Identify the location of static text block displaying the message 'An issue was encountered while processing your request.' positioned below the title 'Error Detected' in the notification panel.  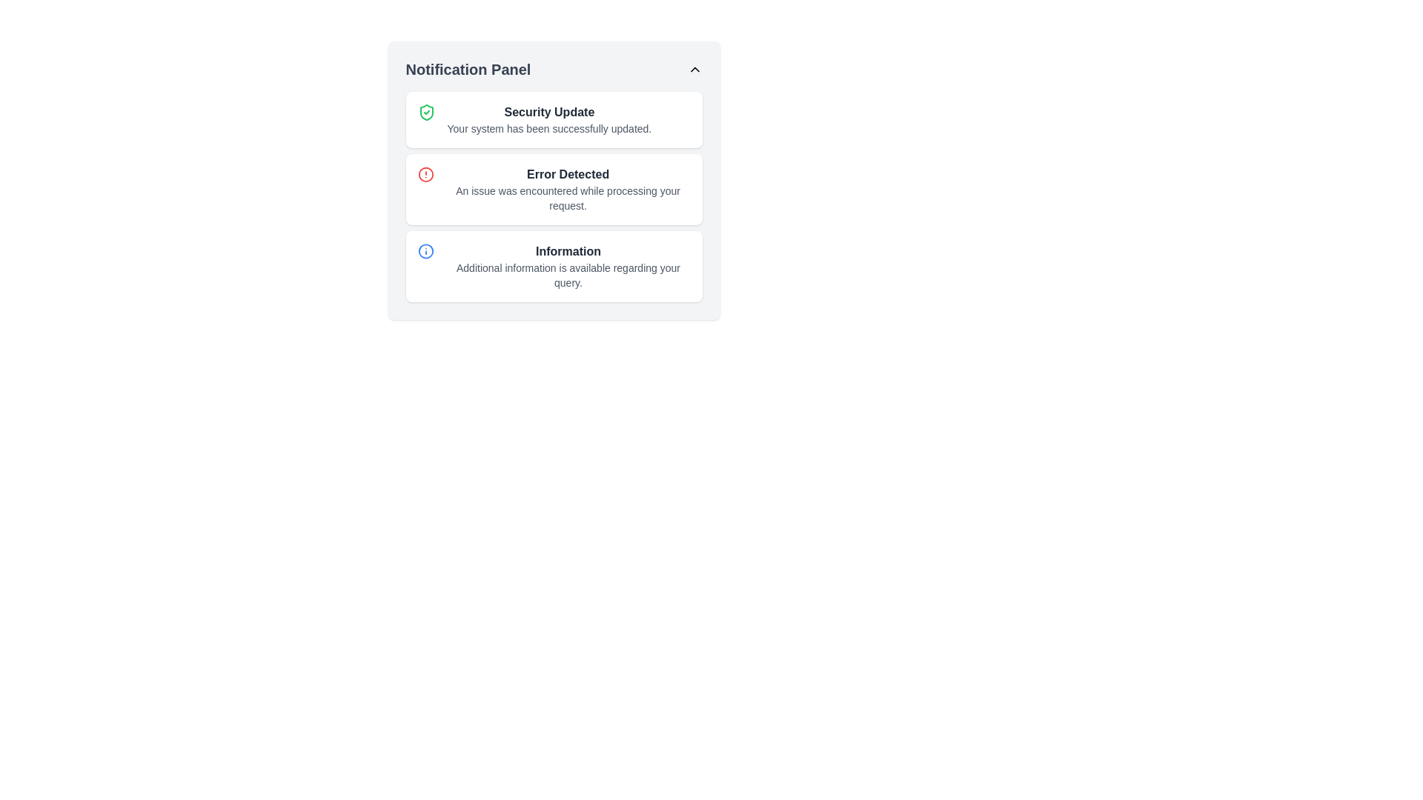
(567, 197).